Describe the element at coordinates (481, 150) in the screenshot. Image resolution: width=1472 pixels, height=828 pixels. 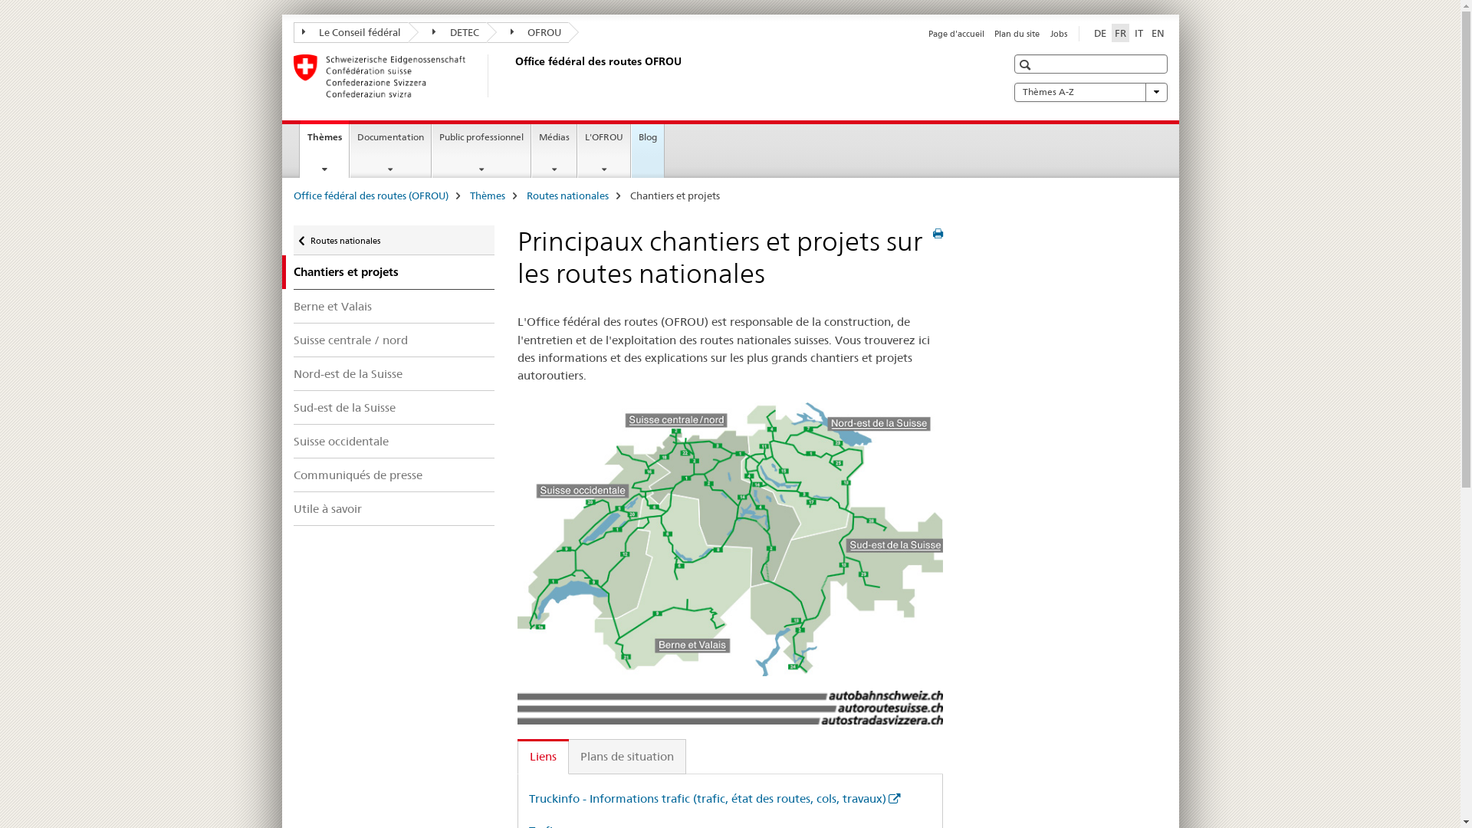
I see `'Public professionnel'` at that location.